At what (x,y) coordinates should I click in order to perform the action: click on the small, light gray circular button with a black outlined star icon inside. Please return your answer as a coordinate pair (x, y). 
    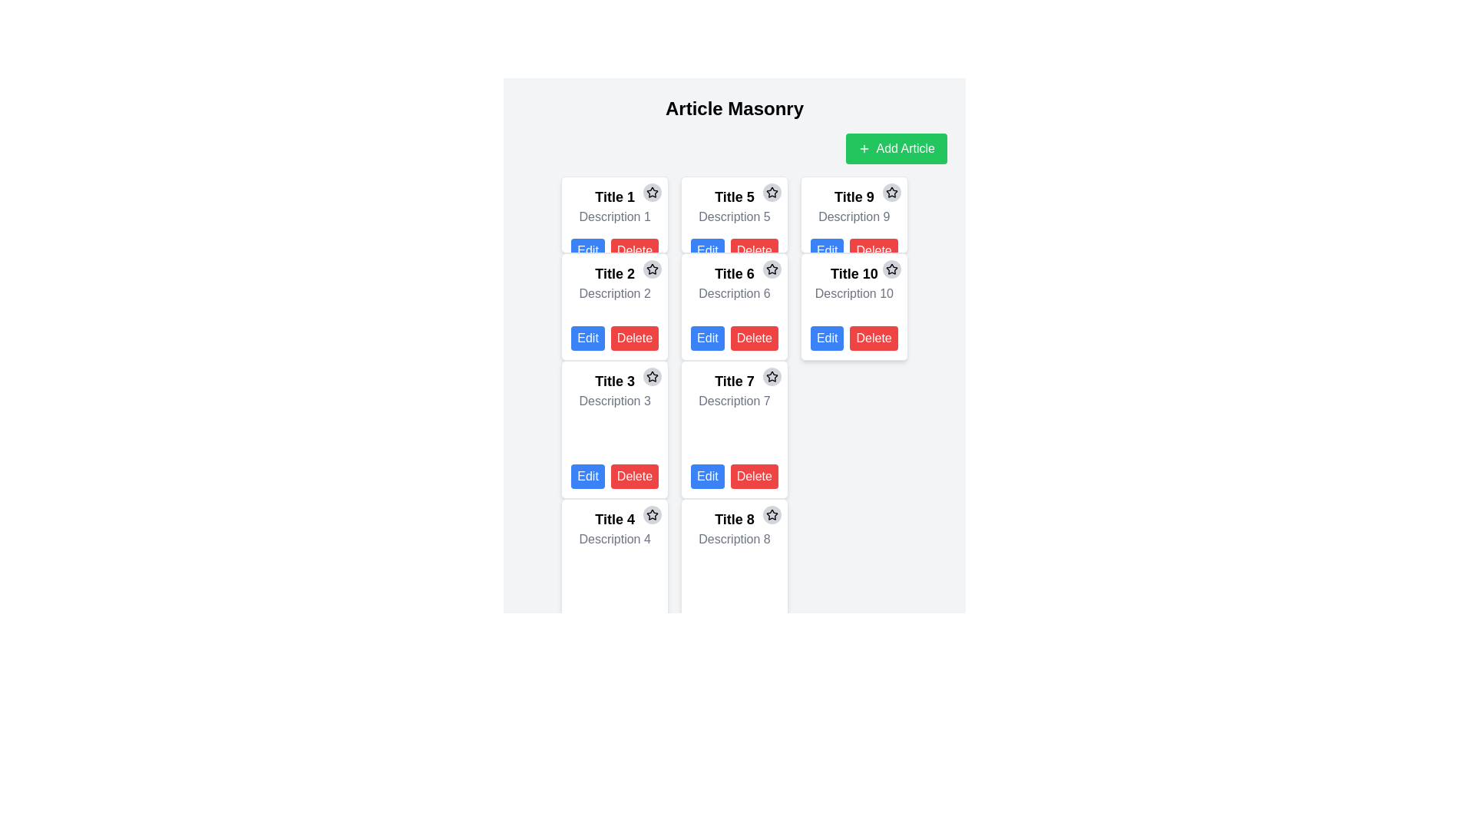
    Looking at the image, I should click on (653, 191).